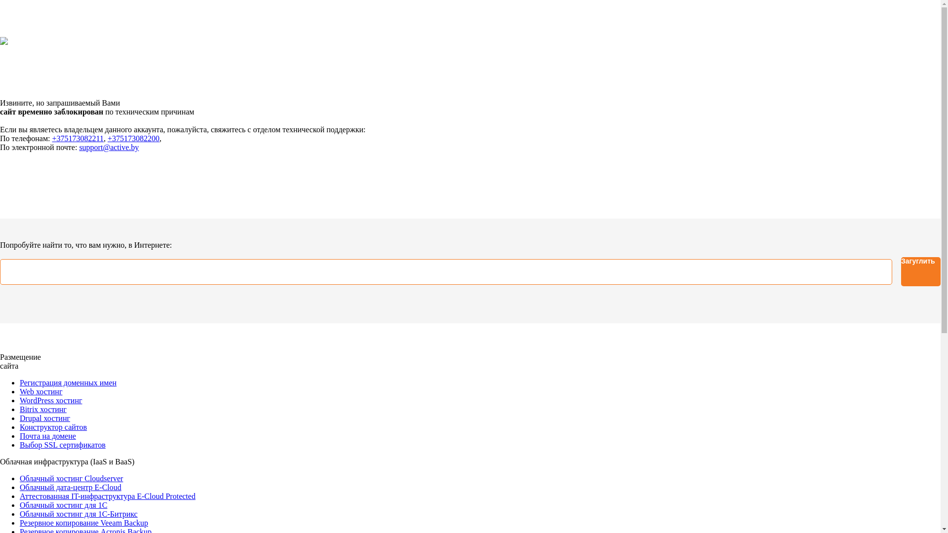 The height and width of the screenshot is (533, 948). What do you see at coordinates (109, 147) in the screenshot?
I see `'support@active.by'` at bounding box center [109, 147].